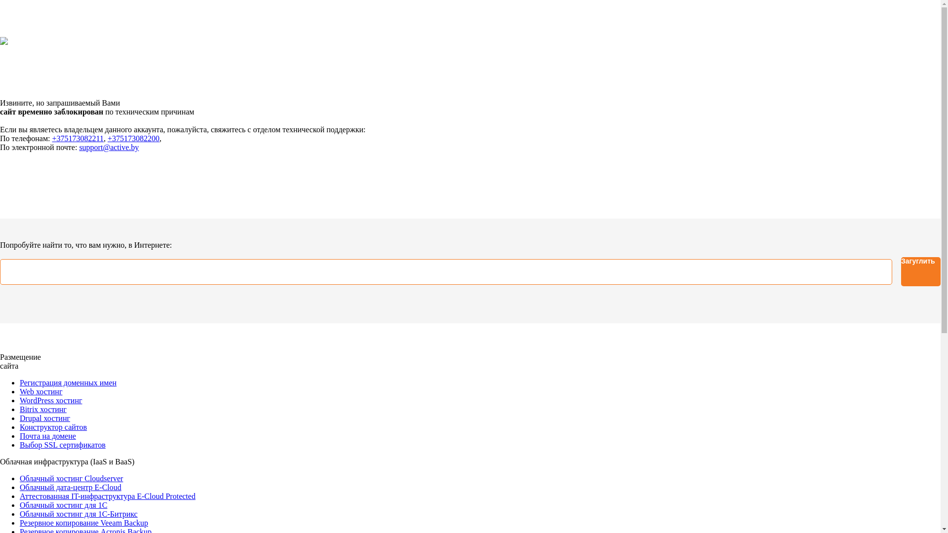 The height and width of the screenshot is (533, 948). What do you see at coordinates (109, 147) in the screenshot?
I see `'support@active.by'` at bounding box center [109, 147].